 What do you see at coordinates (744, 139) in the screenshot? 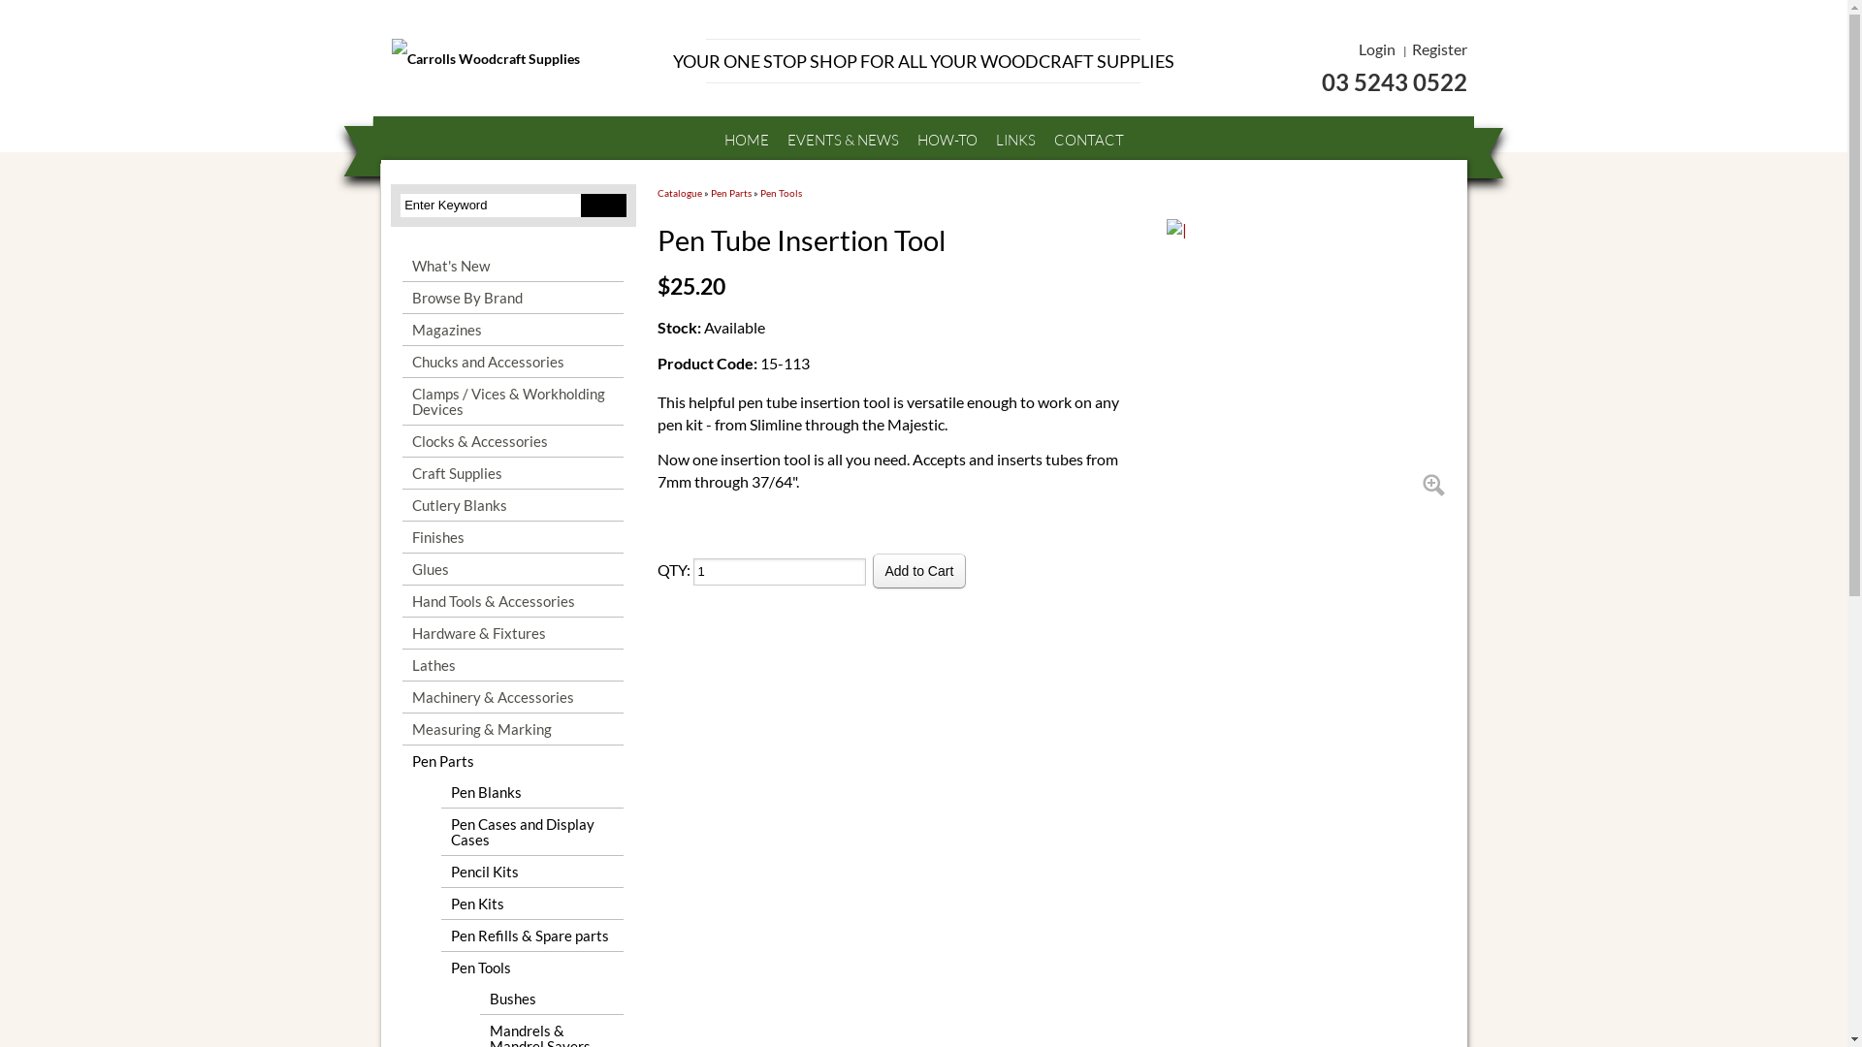
I see `'HOME'` at bounding box center [744, 139].